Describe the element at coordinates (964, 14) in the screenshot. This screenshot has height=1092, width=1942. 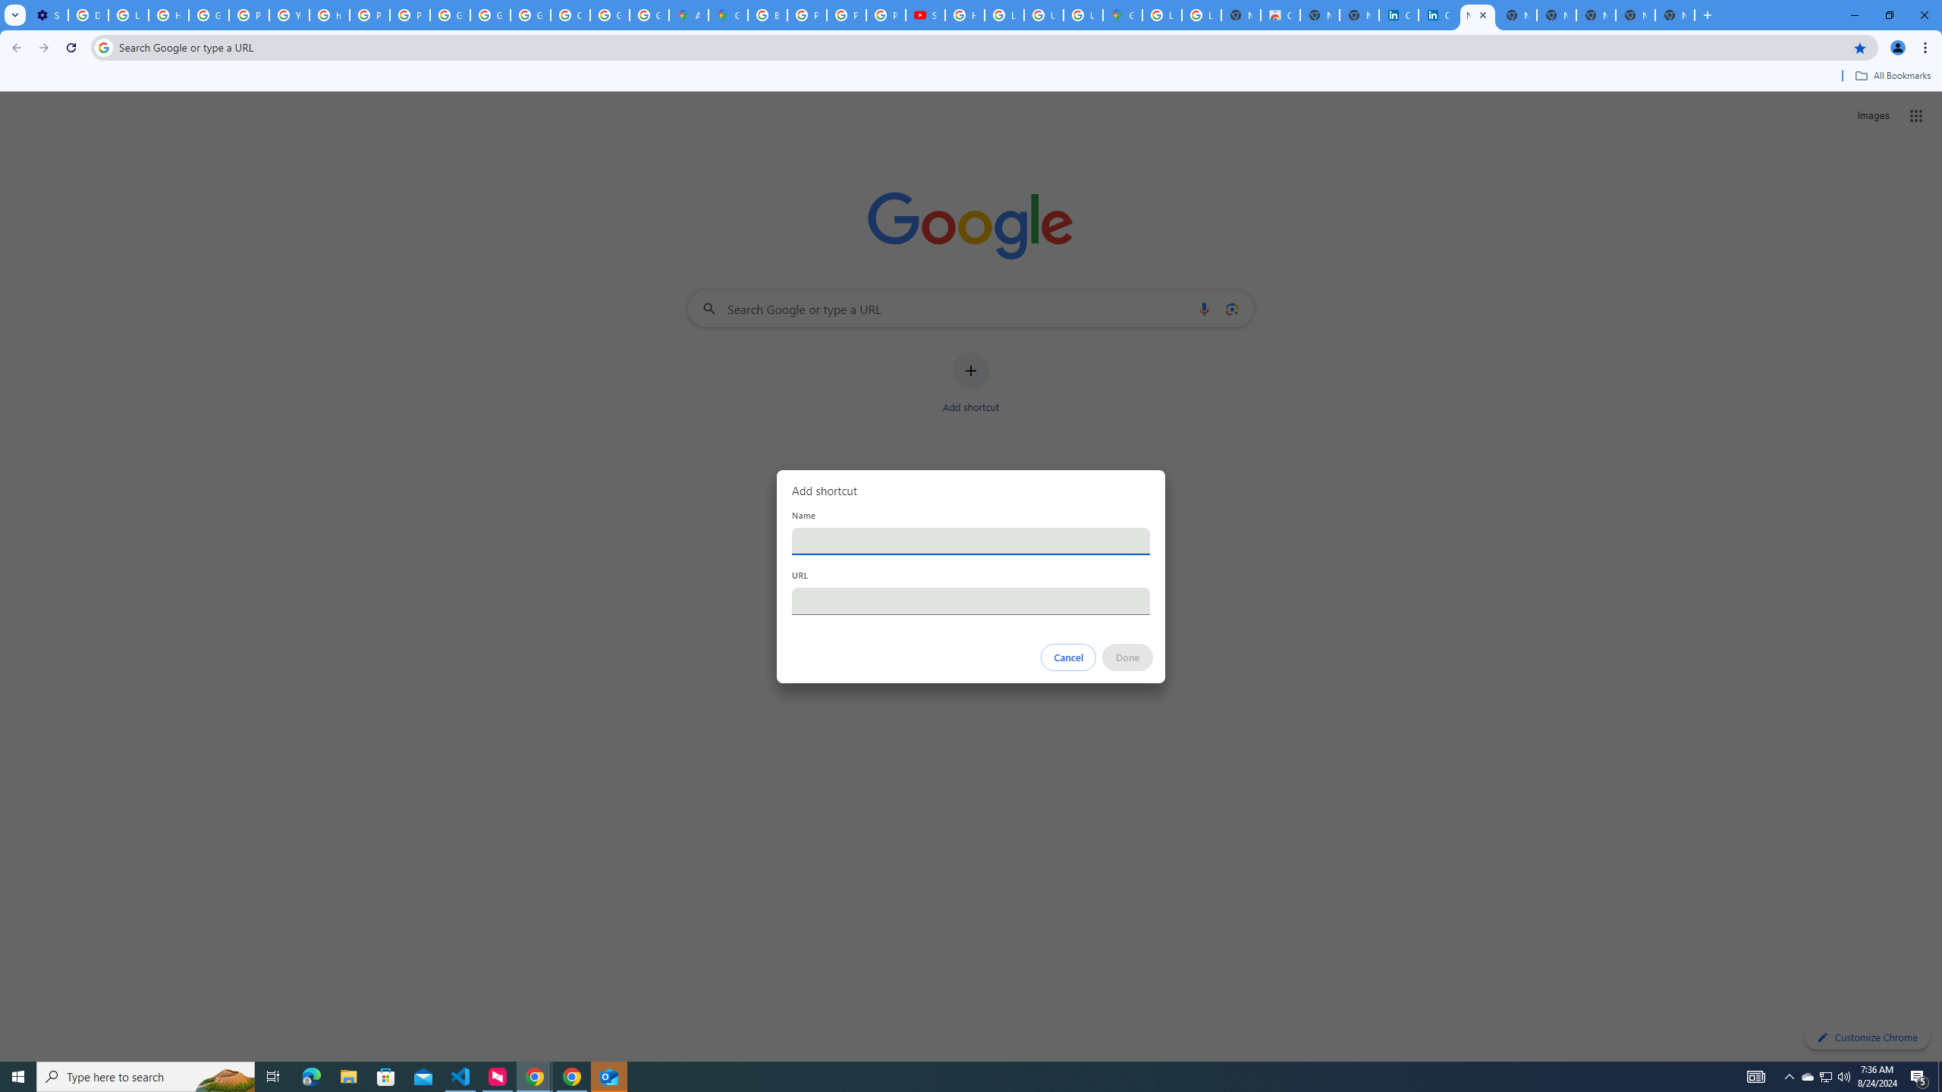
I see `'How Chrome protects your passwords - Google Chrome Help'` at that location.